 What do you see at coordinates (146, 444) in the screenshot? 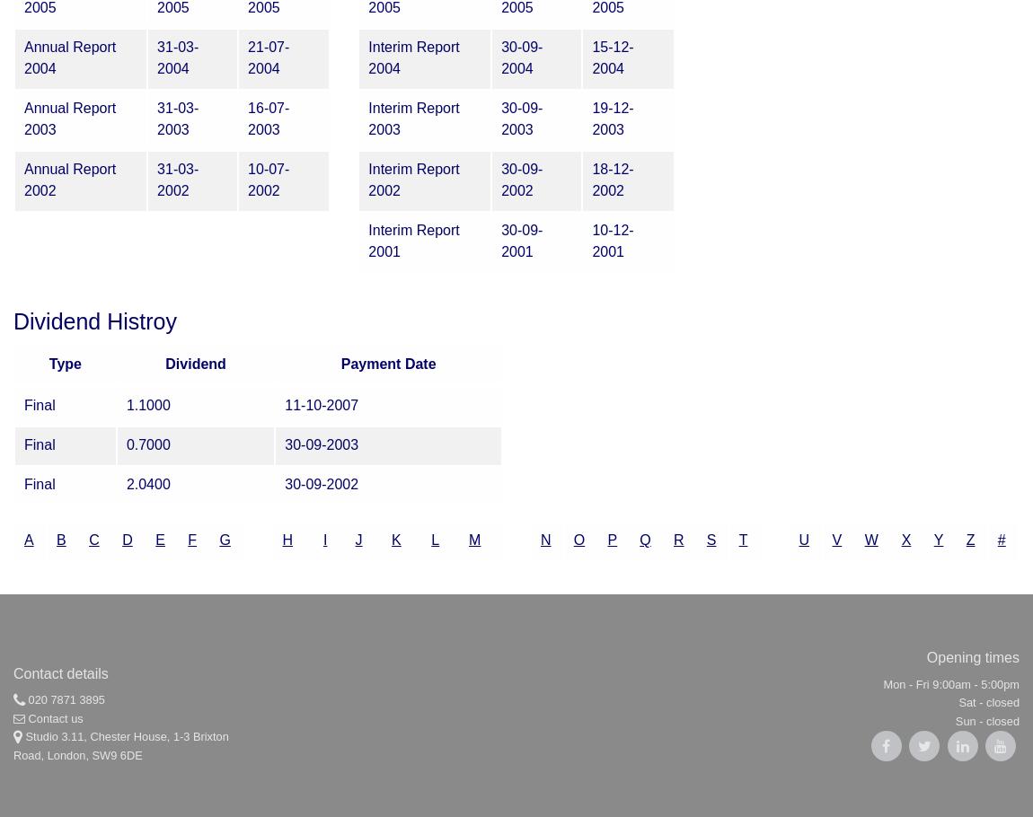
I see `'0.7000'` at bounding box center [146, 444].